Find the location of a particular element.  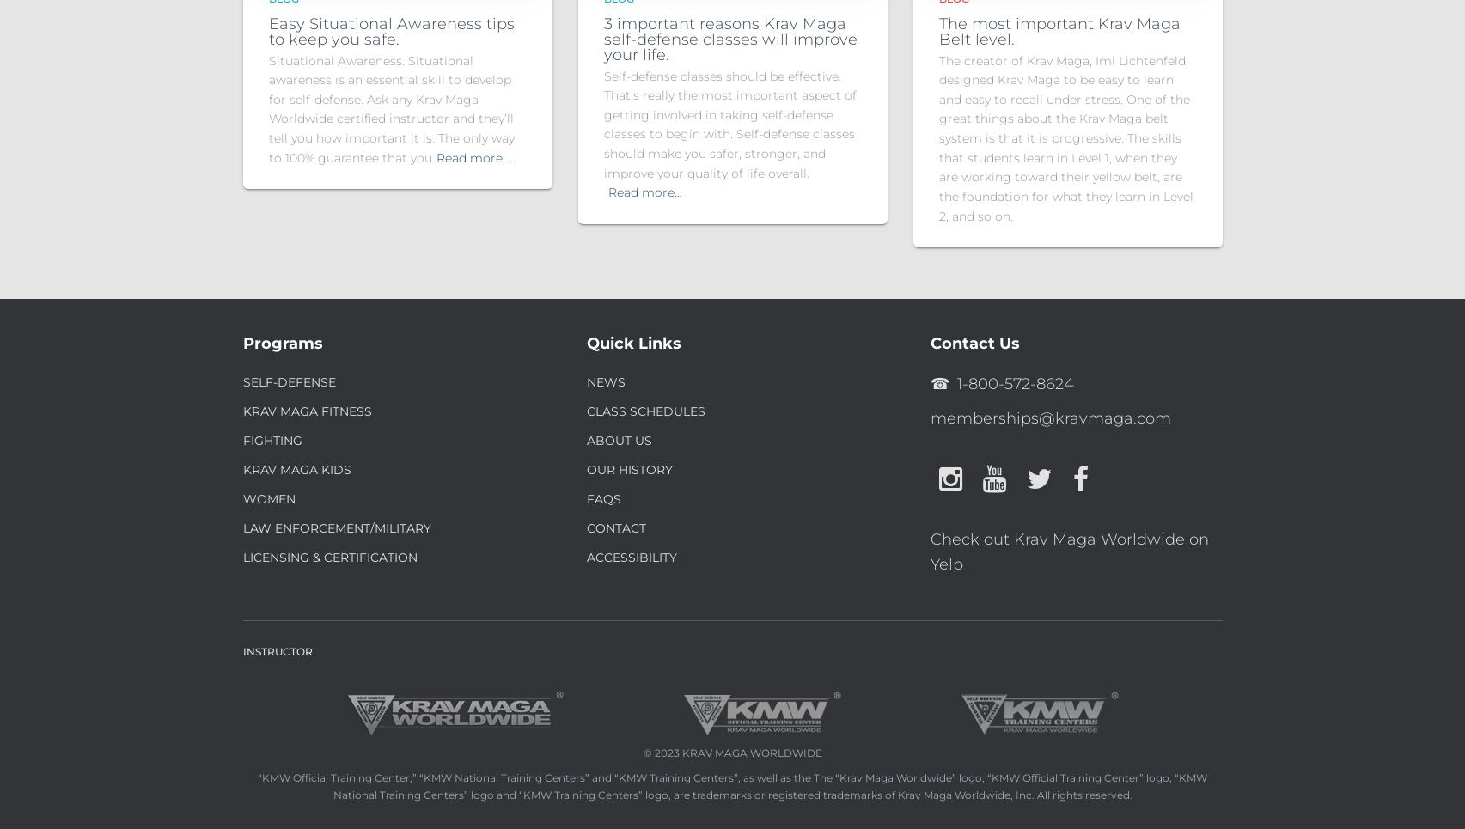

'Class Schedules' is located at coordinates (586, 411).